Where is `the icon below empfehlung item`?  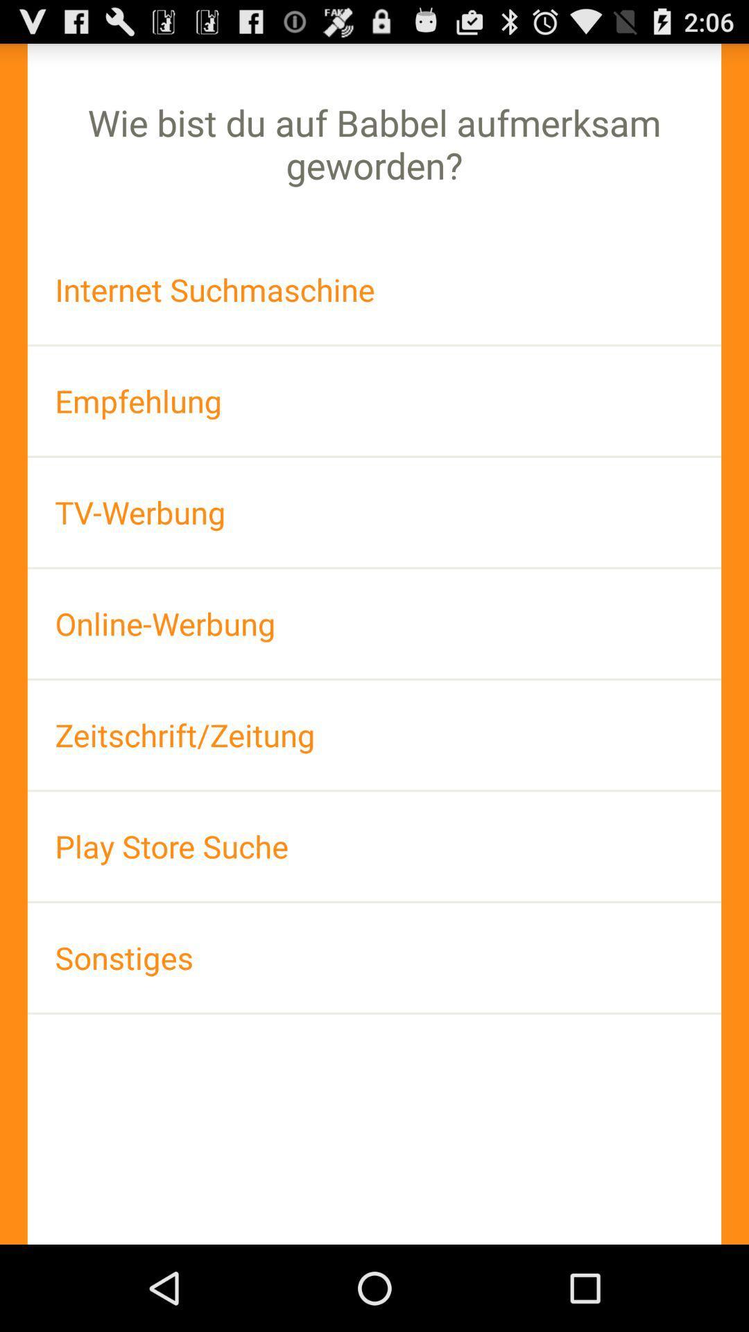
the icon below empfehlung item is located at coordinates (374, 511).